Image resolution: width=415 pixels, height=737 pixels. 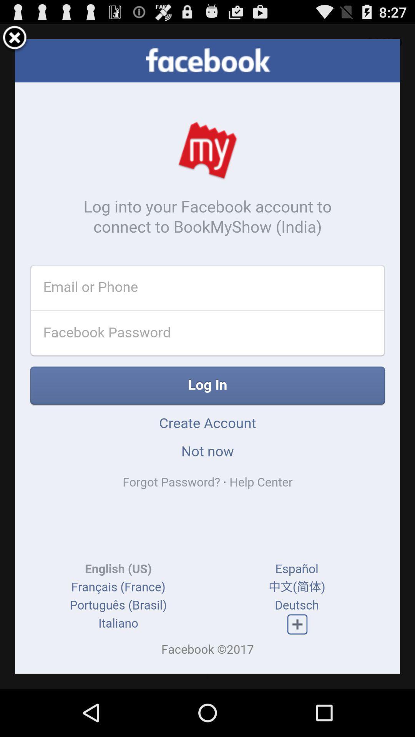 I want to click on option, so click(x=15, y=38).